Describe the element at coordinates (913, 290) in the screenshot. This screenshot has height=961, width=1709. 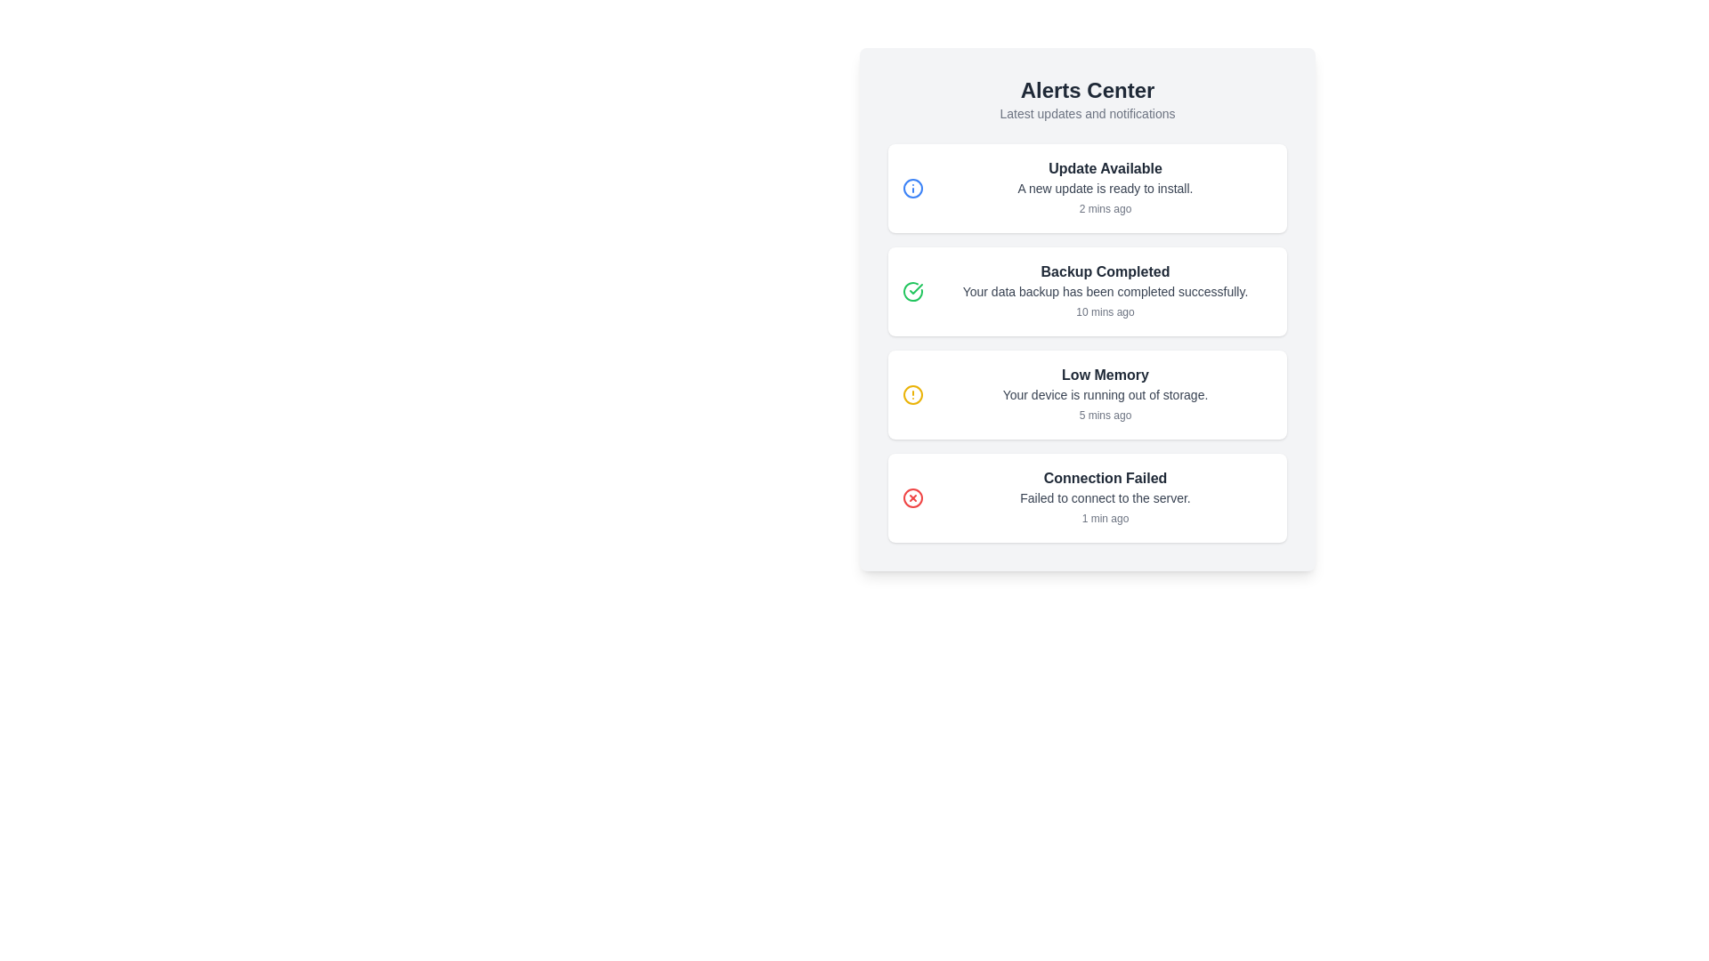
I see `the completion status icon located at the leftmost part of the 'Backup Completed' card, which indicates the successful completion of the data backup task` at that location.